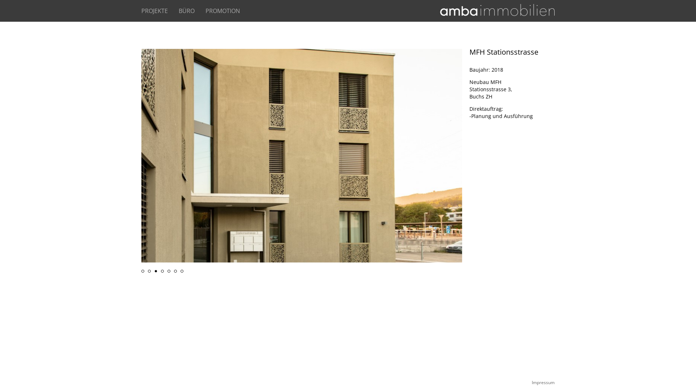  What do you see at coordinates (161, 271) in the screenshot?
I see `'4'` at bounding box center [161, 271].